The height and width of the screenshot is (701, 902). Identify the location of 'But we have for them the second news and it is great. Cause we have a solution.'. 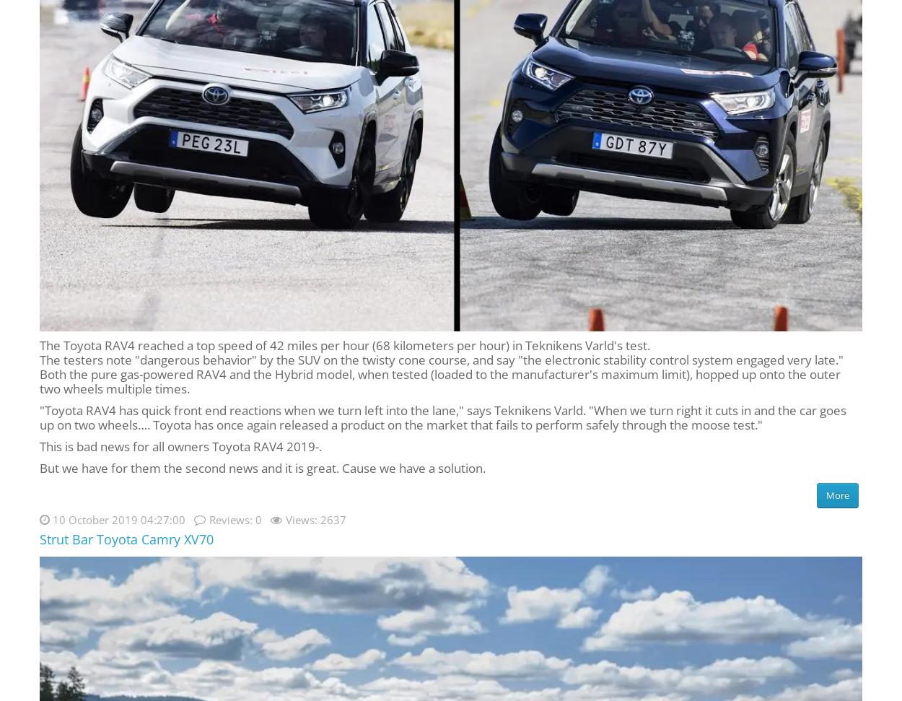
(262, 466).